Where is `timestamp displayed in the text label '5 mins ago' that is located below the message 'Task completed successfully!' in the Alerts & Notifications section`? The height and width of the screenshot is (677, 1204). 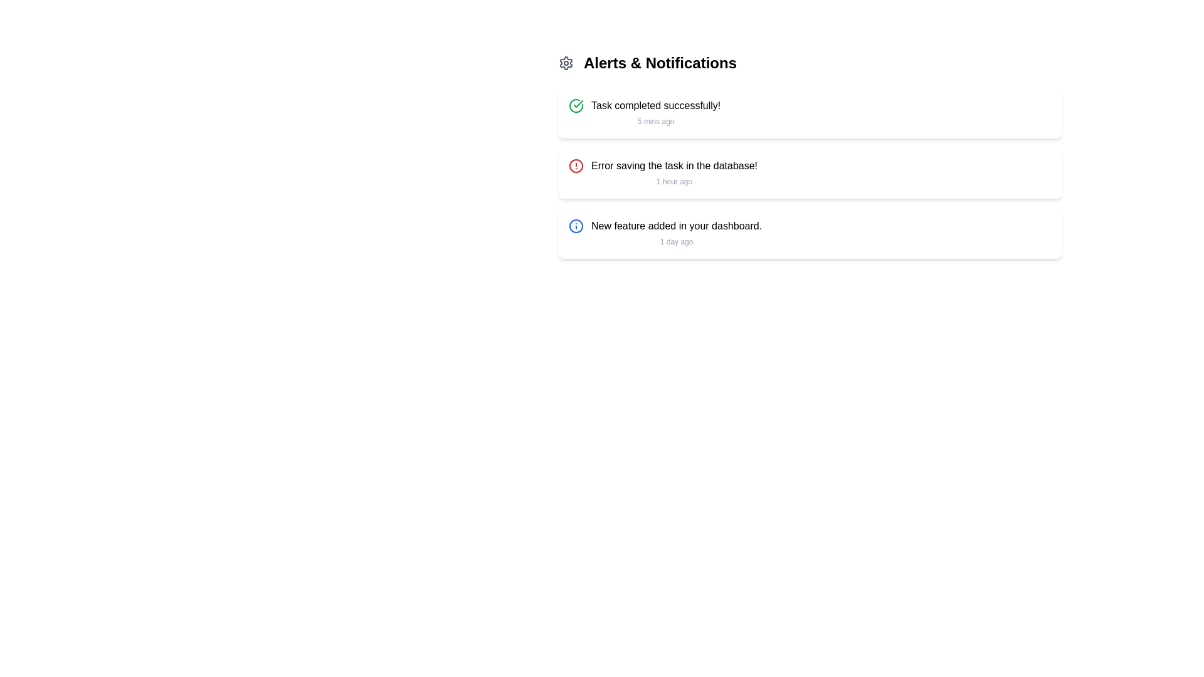 timestamp displayed in the text label '5 mins ago' that is located below the message 'Task completed successfully!' in the Alerts & Notifications section is located at coordinates (655, 121).